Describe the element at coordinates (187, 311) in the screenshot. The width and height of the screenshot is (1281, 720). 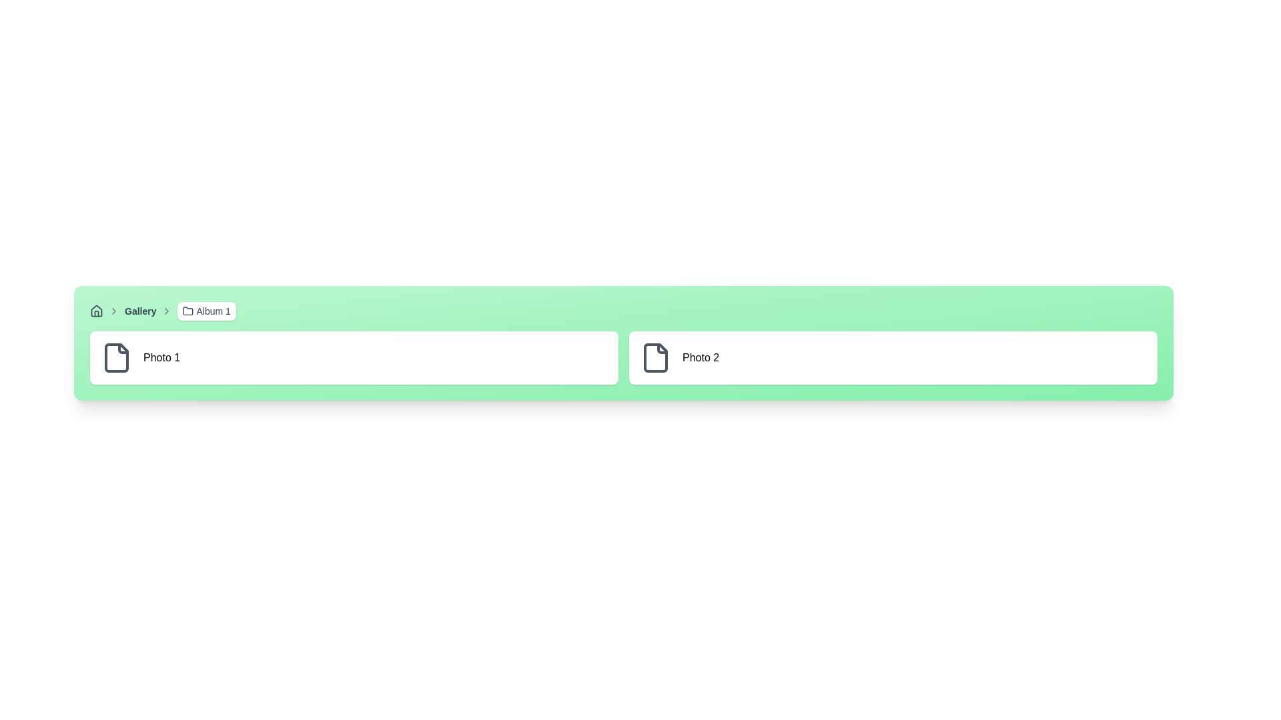
I see `the folder icon located inside the 'Album 1' button at the top navigation area, which features a minimalistic design with a dark stroke-based outline` at that location.